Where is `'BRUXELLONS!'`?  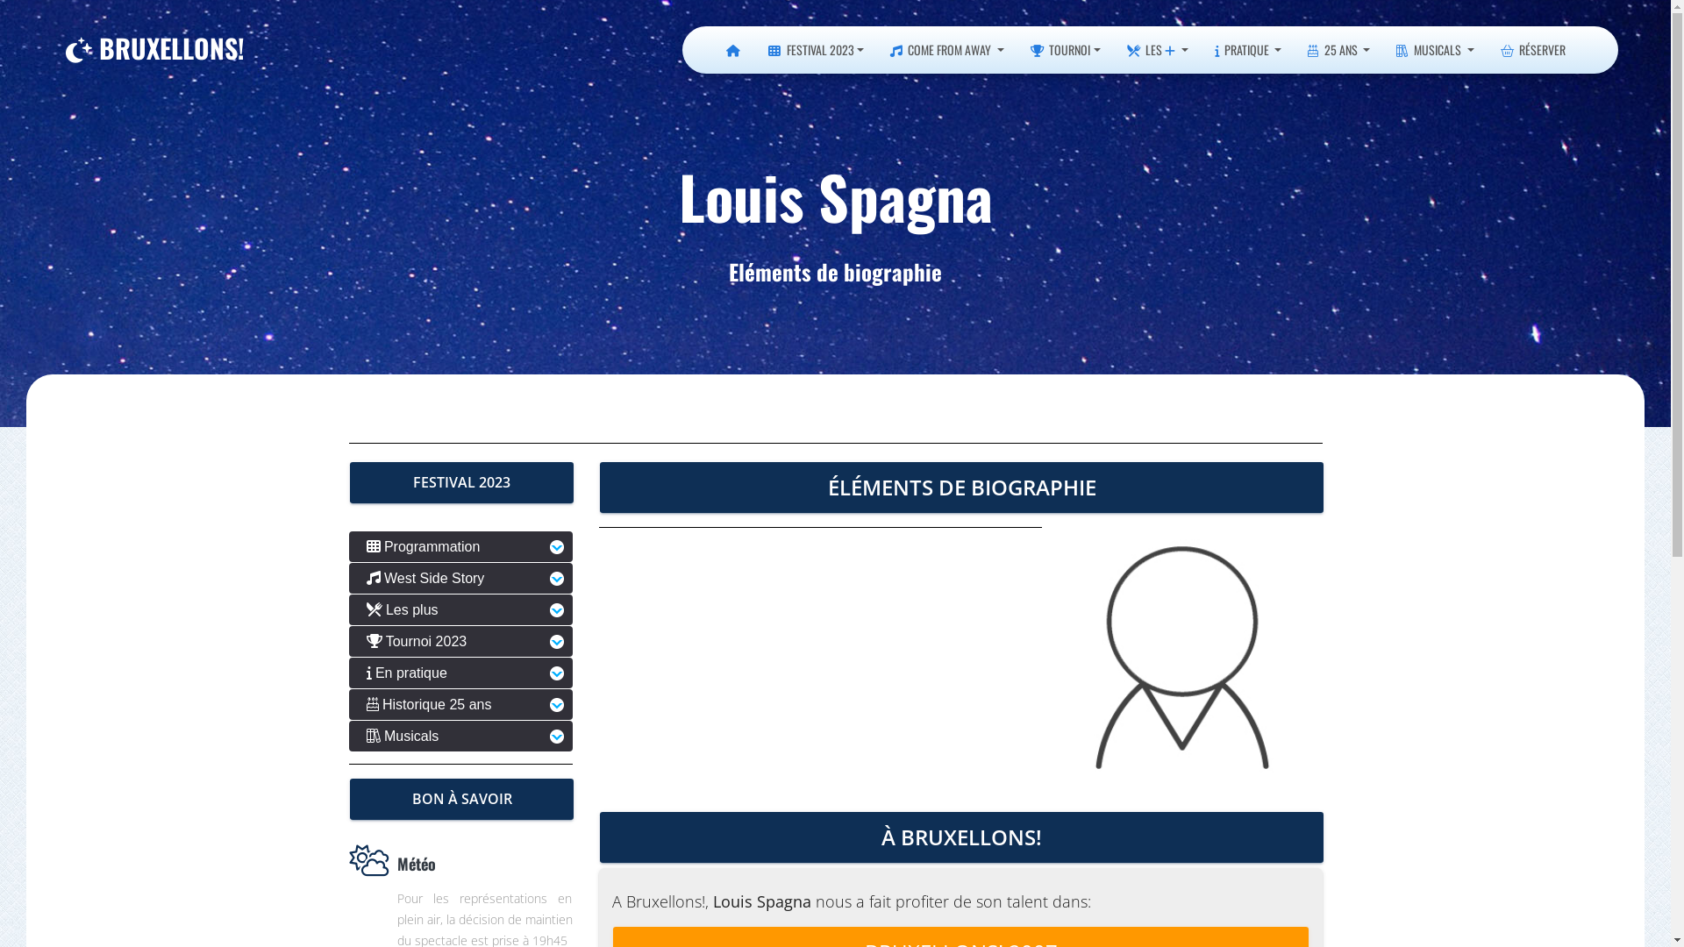 'BRUXELLONS!' is located at coordinates (155, 48).